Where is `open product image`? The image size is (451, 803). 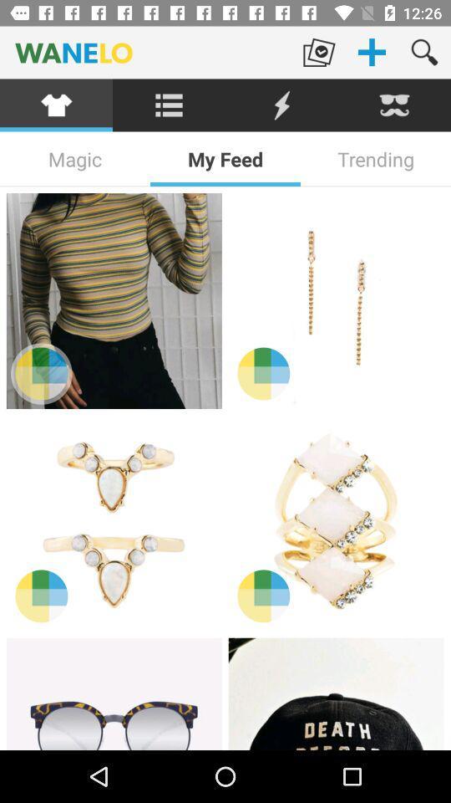
open product image is located at coordinates (336, 301).